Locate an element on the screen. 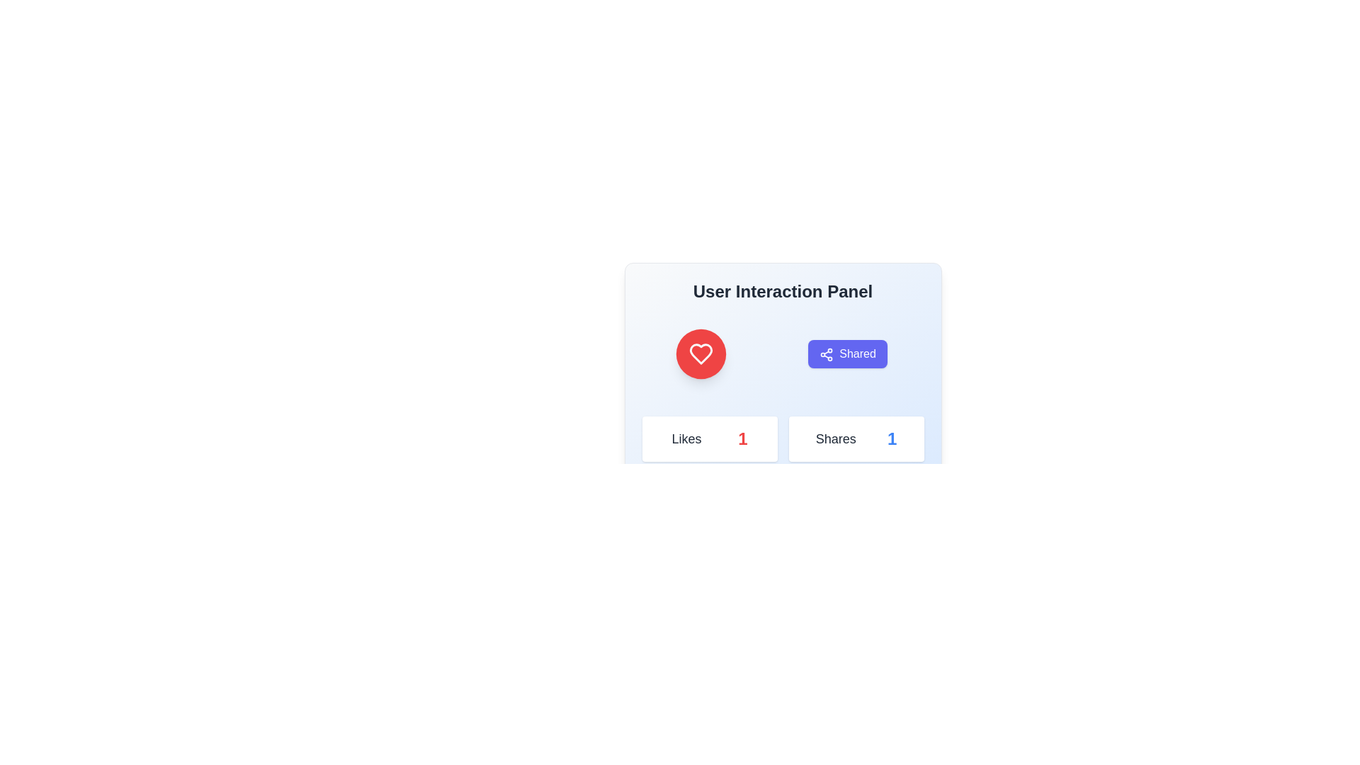 Image resolution: width=1360 pixels, height=765 pixels. the text label displaying 'Shares' in bold dark gray font, located in the bottom-right area of the interface under the 'User Interaction Panel' is located at coordinates (836, 438).